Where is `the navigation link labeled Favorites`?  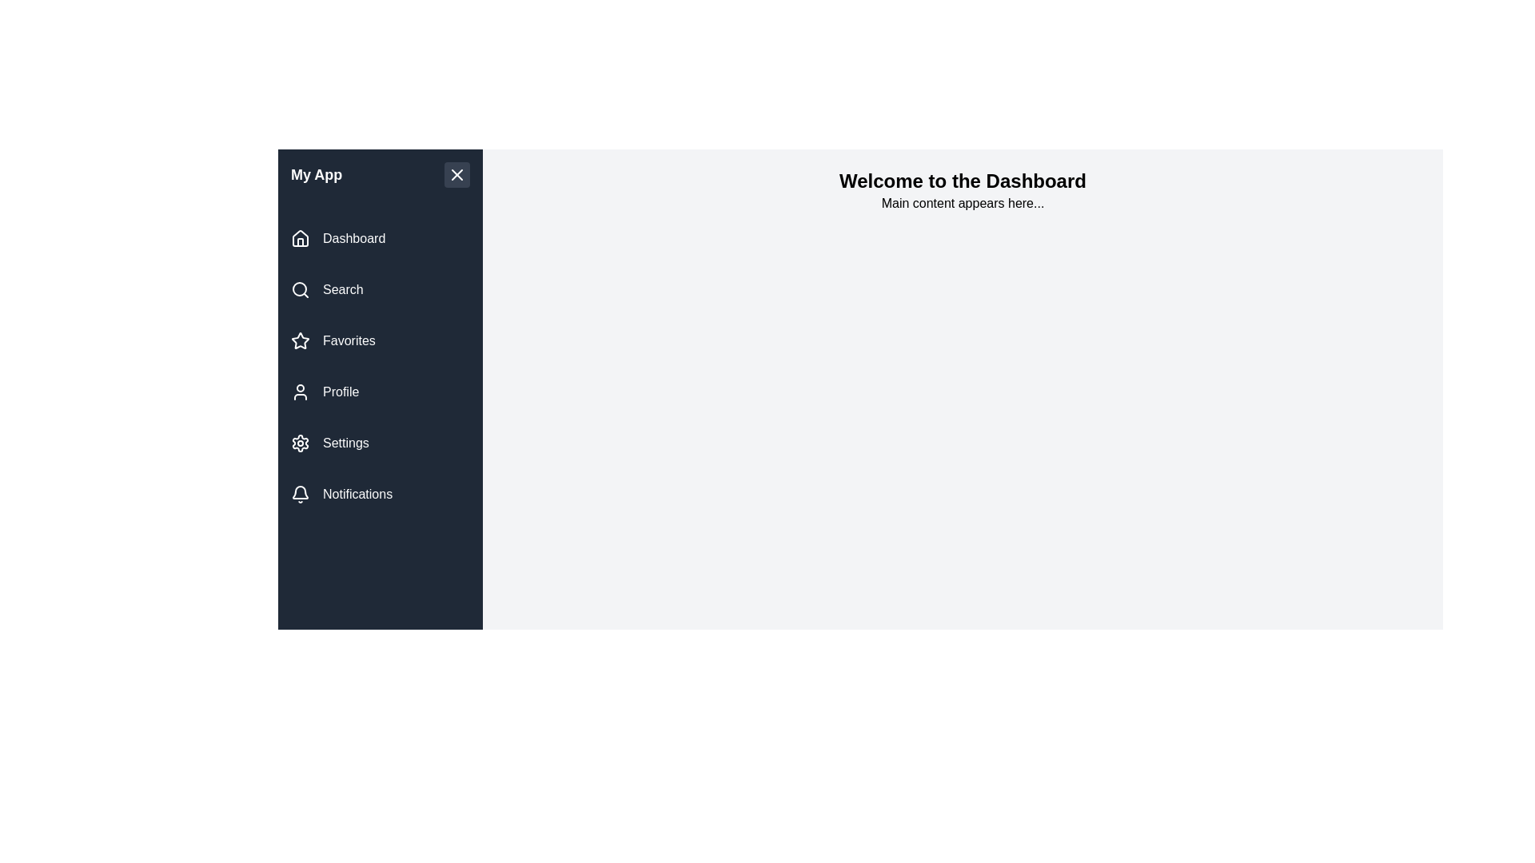
the navigation link labeled Favorites is located at coordinates (379, 340).